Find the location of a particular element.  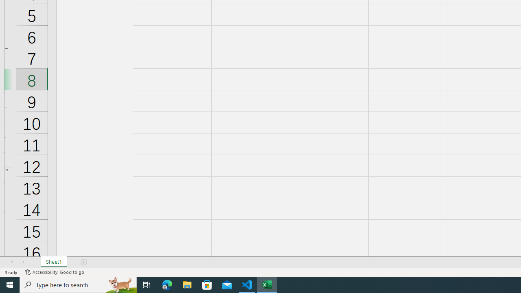

'Sheet1' is located at coordinates (53, 262).